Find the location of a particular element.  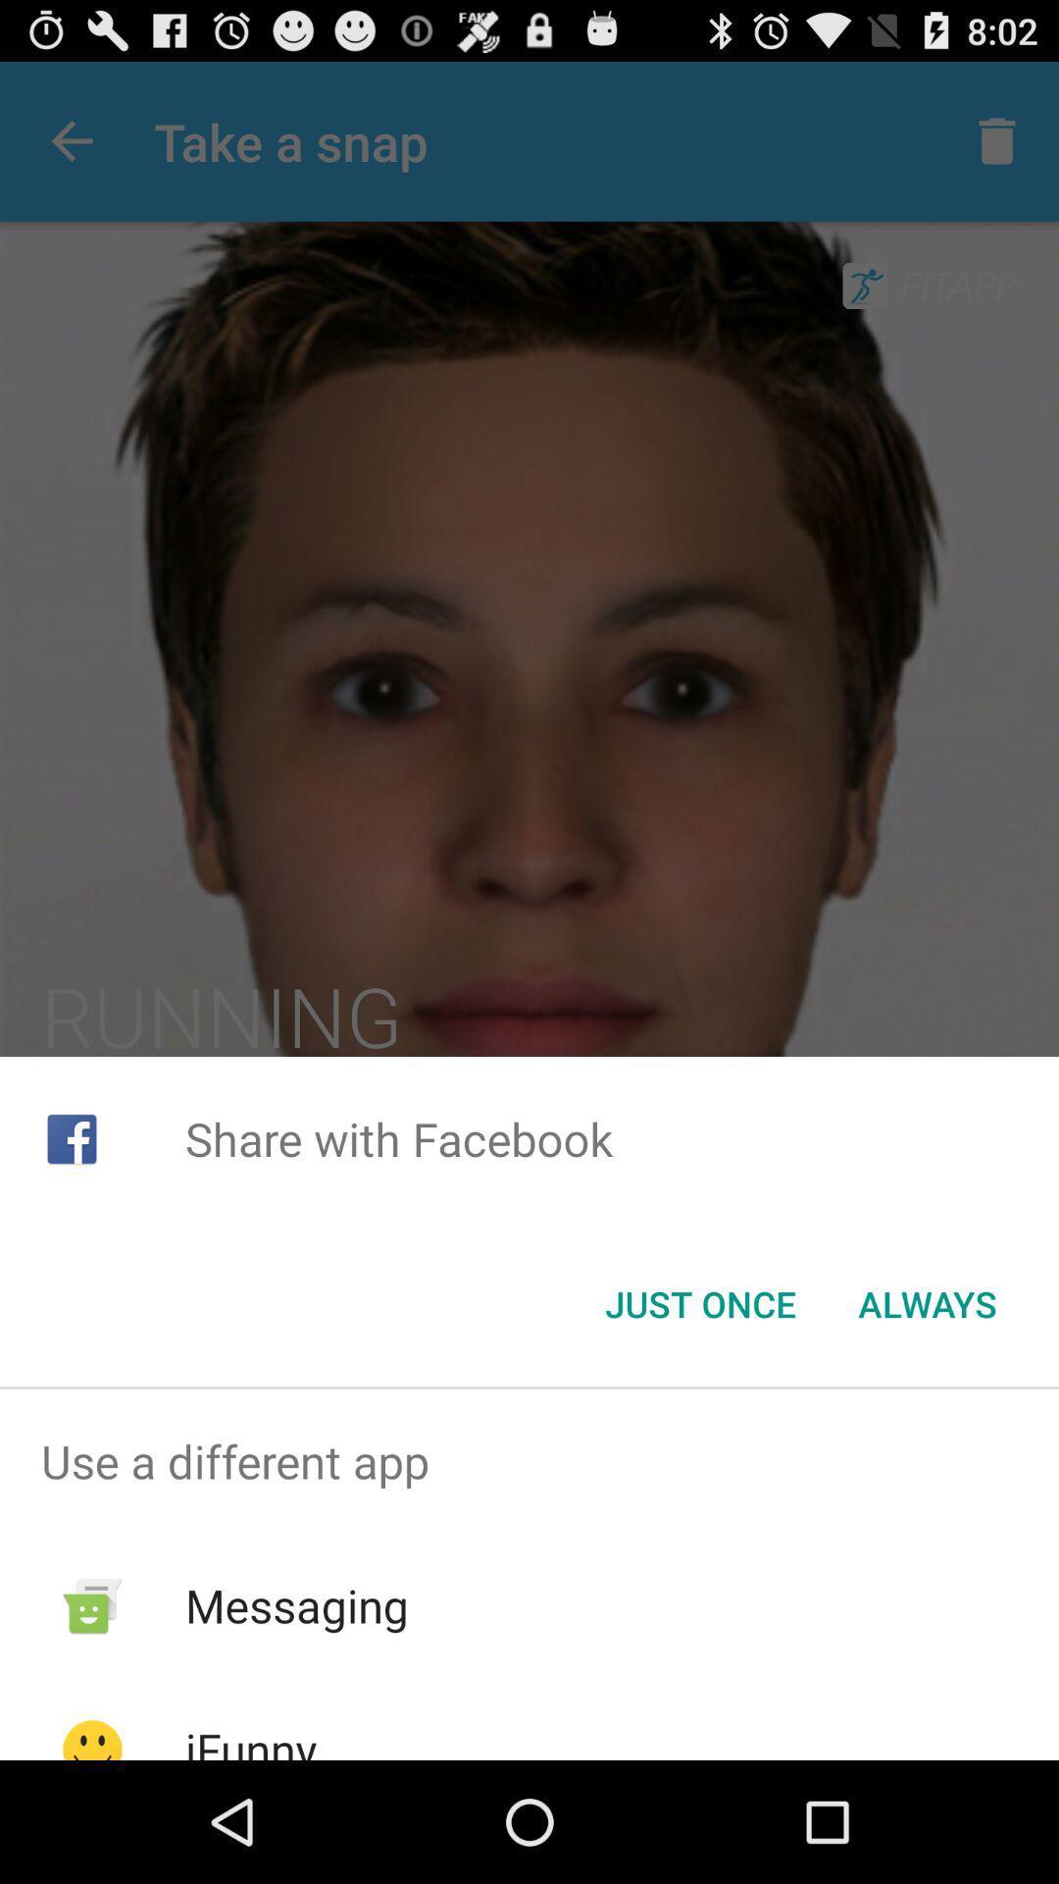

the use a different is located at coordinates (529, 1461).